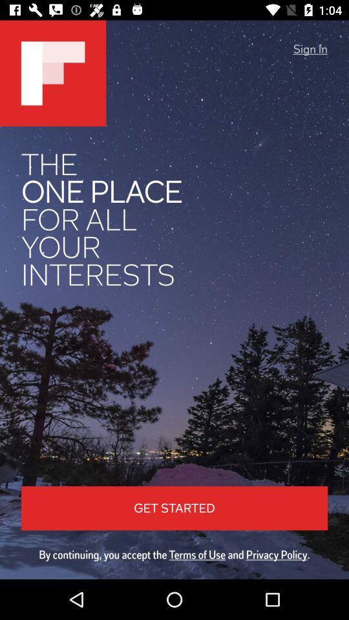  Describe the element at coordinates (310, 49) in the screenshot. I see `item at the top right corner` at that location.